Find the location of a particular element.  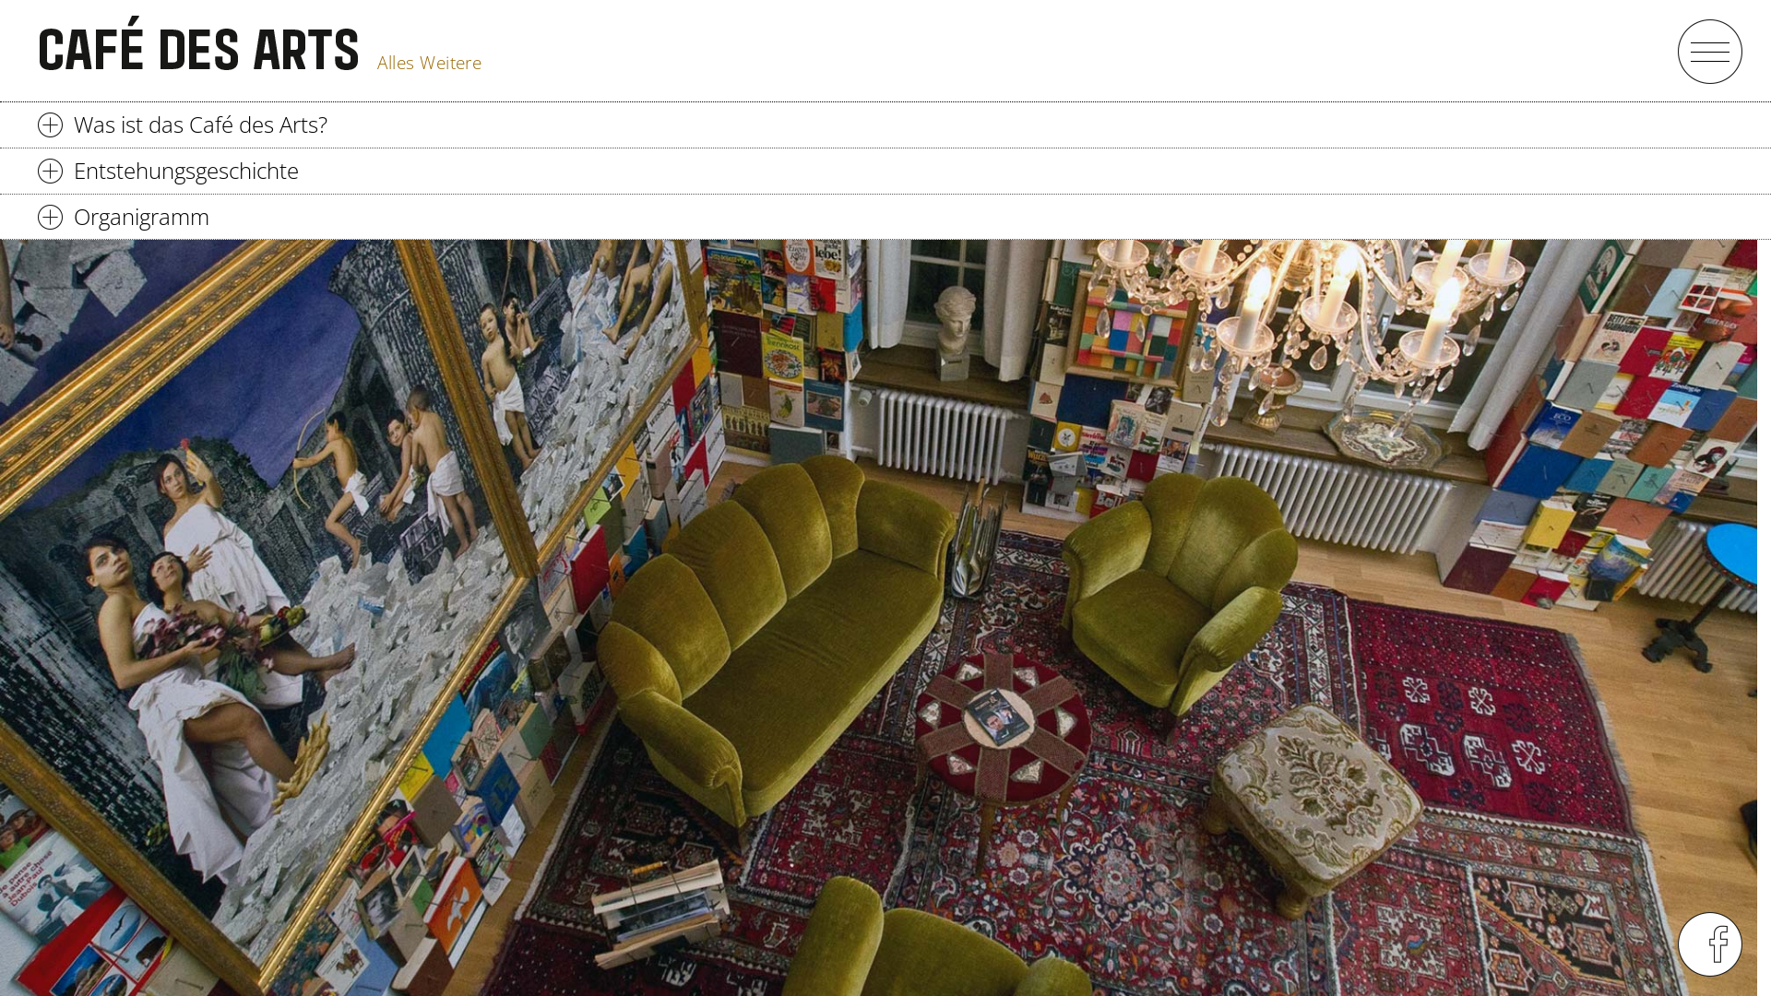

'menu' is located at coordinates (1677, 943).